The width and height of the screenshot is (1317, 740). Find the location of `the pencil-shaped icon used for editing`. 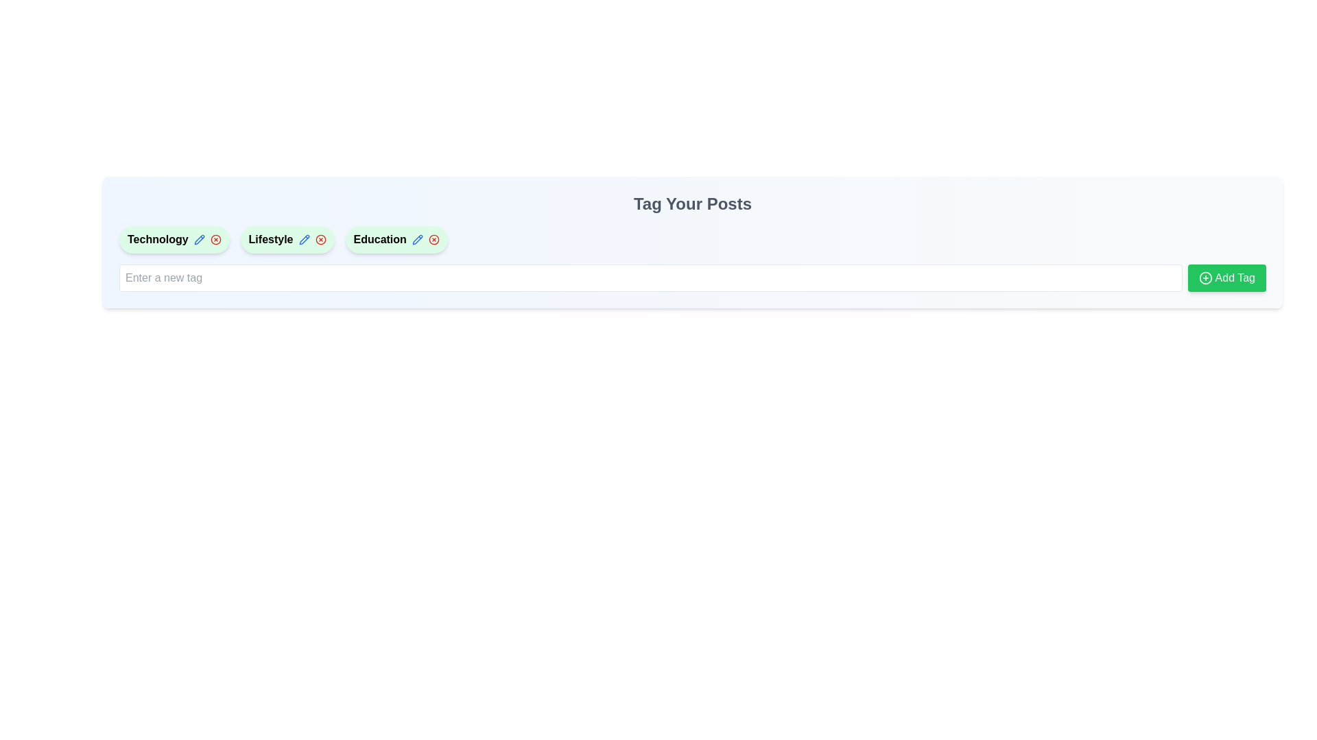

the pencil-shaped icon used for editing is located at coordinates (416, 239).